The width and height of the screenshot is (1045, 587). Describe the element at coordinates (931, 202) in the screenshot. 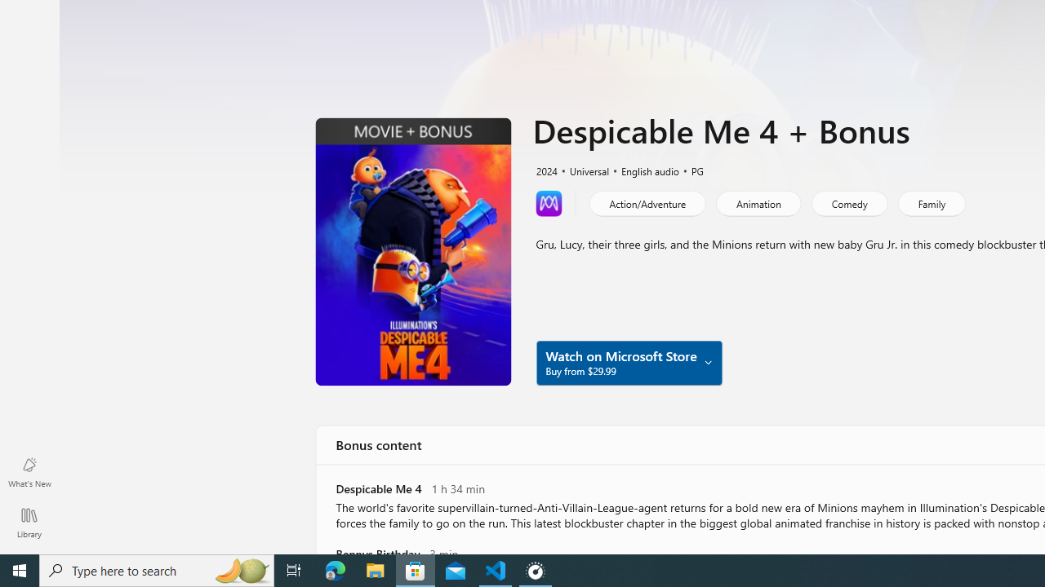

I see `'Family'` at that location.